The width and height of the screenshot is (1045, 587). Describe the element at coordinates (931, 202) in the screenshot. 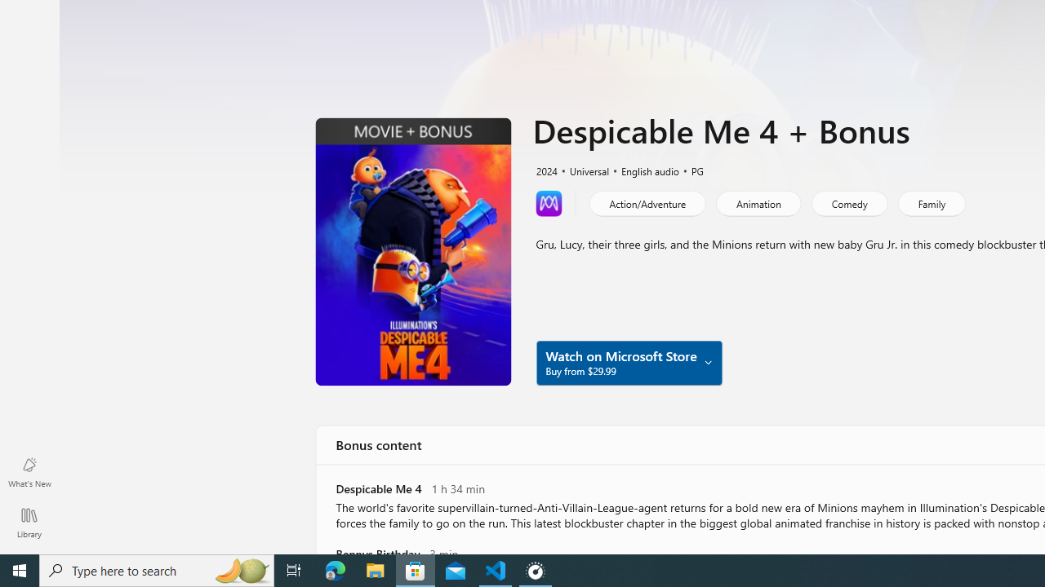

I see `'Family'` at that location.